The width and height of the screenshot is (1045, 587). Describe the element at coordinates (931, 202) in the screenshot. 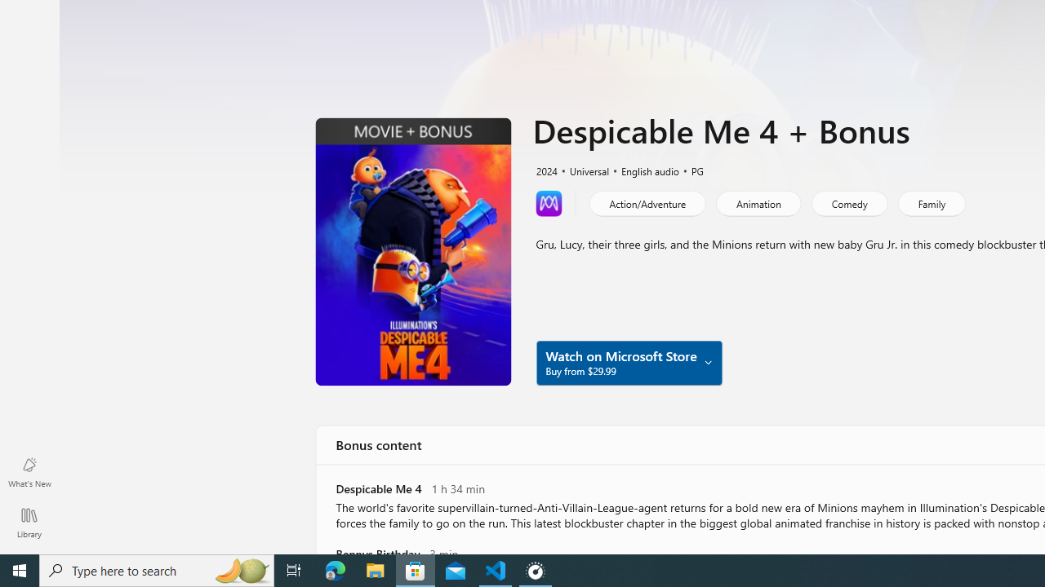

I see `'Family'` at that location.